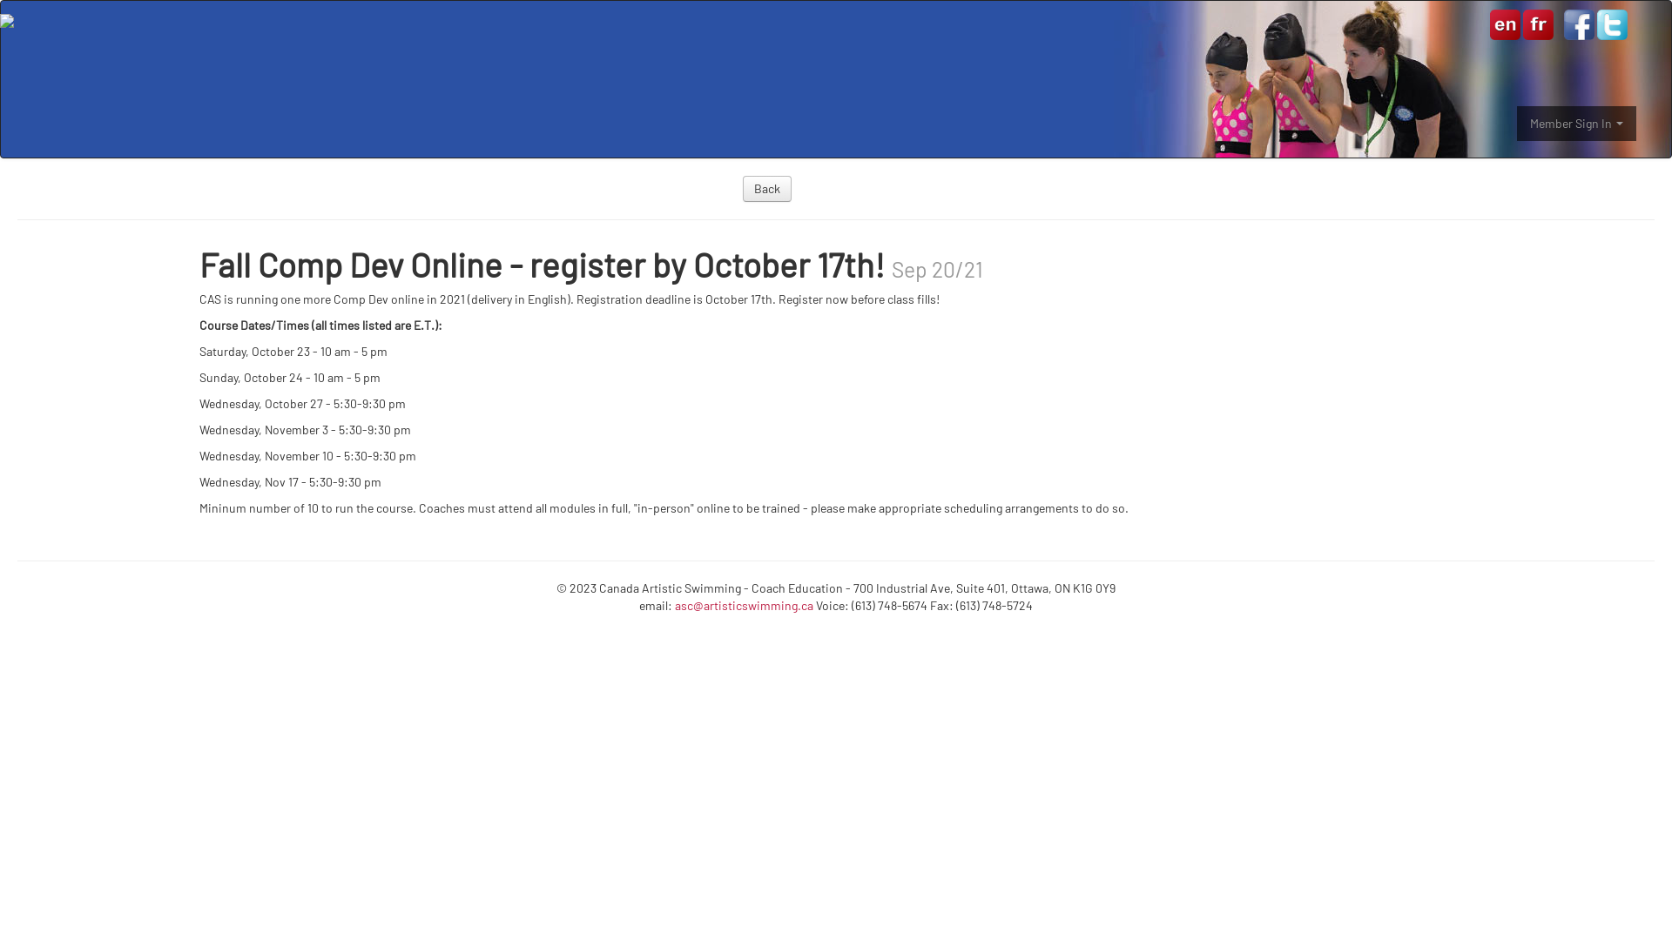 The image size is (1672, 940). I want to click on 'Member Sign In', so click(1516, 123).